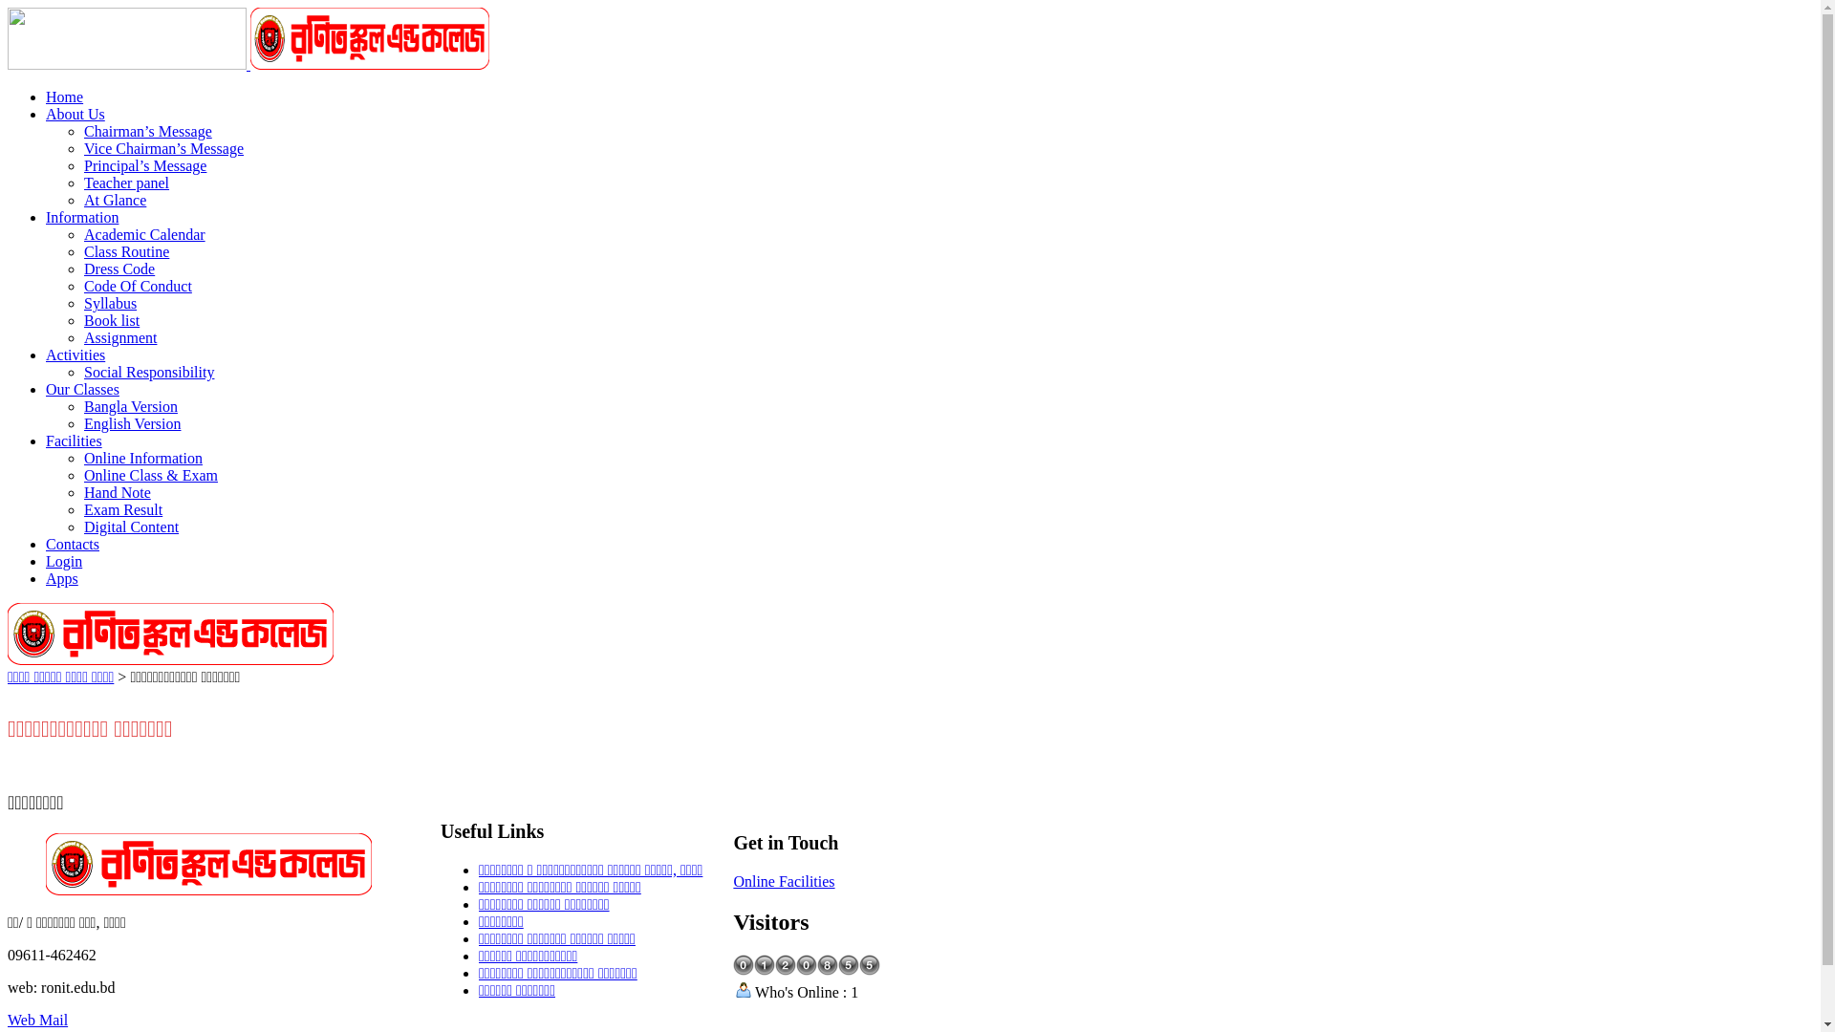 The height and width of the screenshot is (1032, 1835). Describe the element at coordinates (117, 491) in the screenshot. I see `'Hand Note'` at that location.